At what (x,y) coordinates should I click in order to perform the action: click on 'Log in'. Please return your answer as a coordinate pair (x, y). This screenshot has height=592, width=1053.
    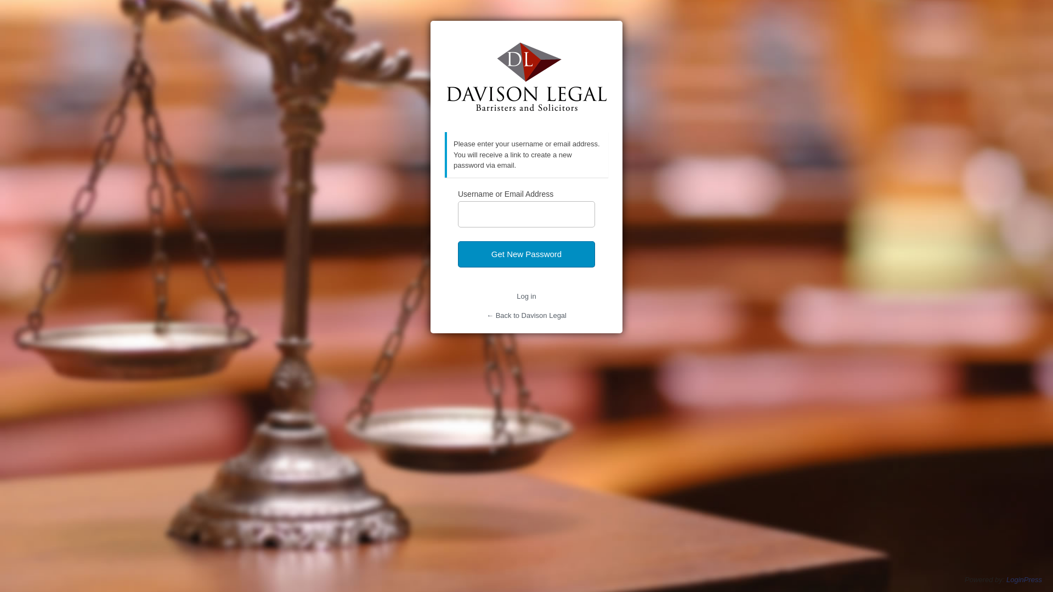
    Looking at the image, I should click on (525, 296).